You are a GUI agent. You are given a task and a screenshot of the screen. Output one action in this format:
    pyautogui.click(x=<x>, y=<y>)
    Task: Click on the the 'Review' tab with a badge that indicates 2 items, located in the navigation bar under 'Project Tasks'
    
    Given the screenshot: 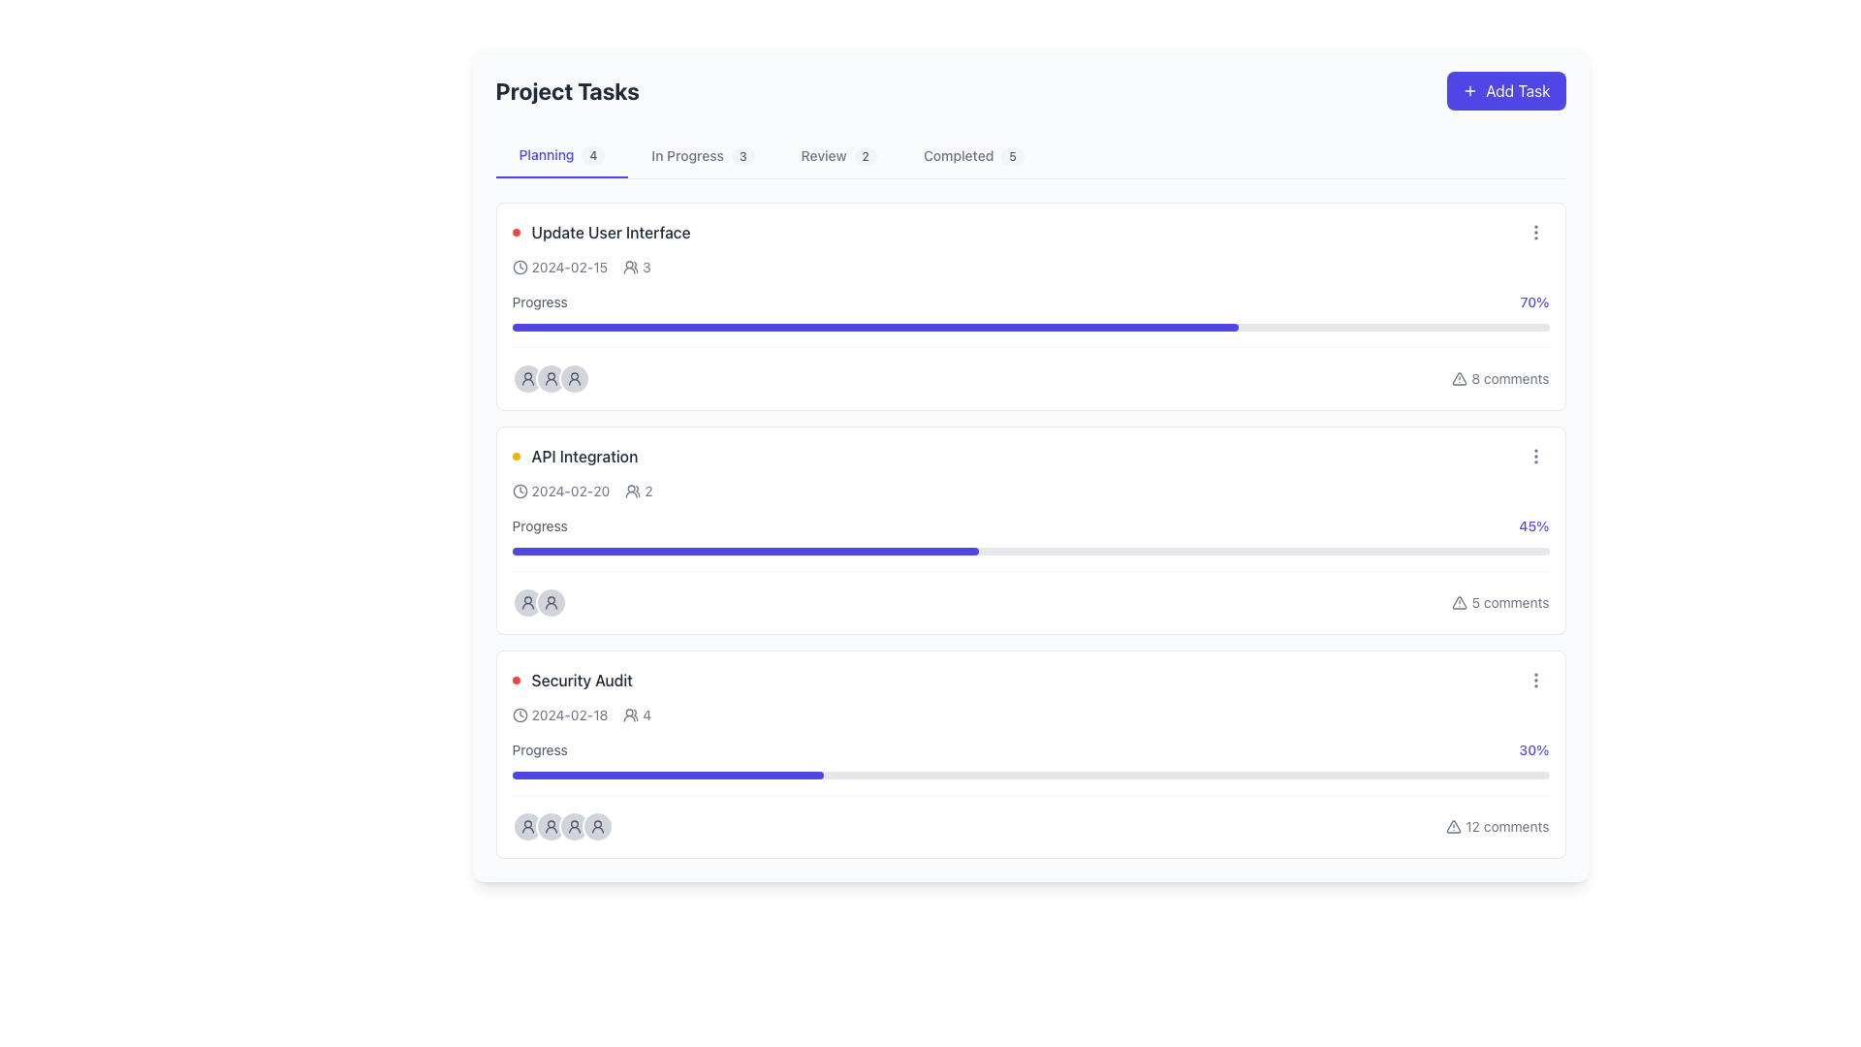 What is the action you would take?
    pyautogui.click(x=838, y=155)
    